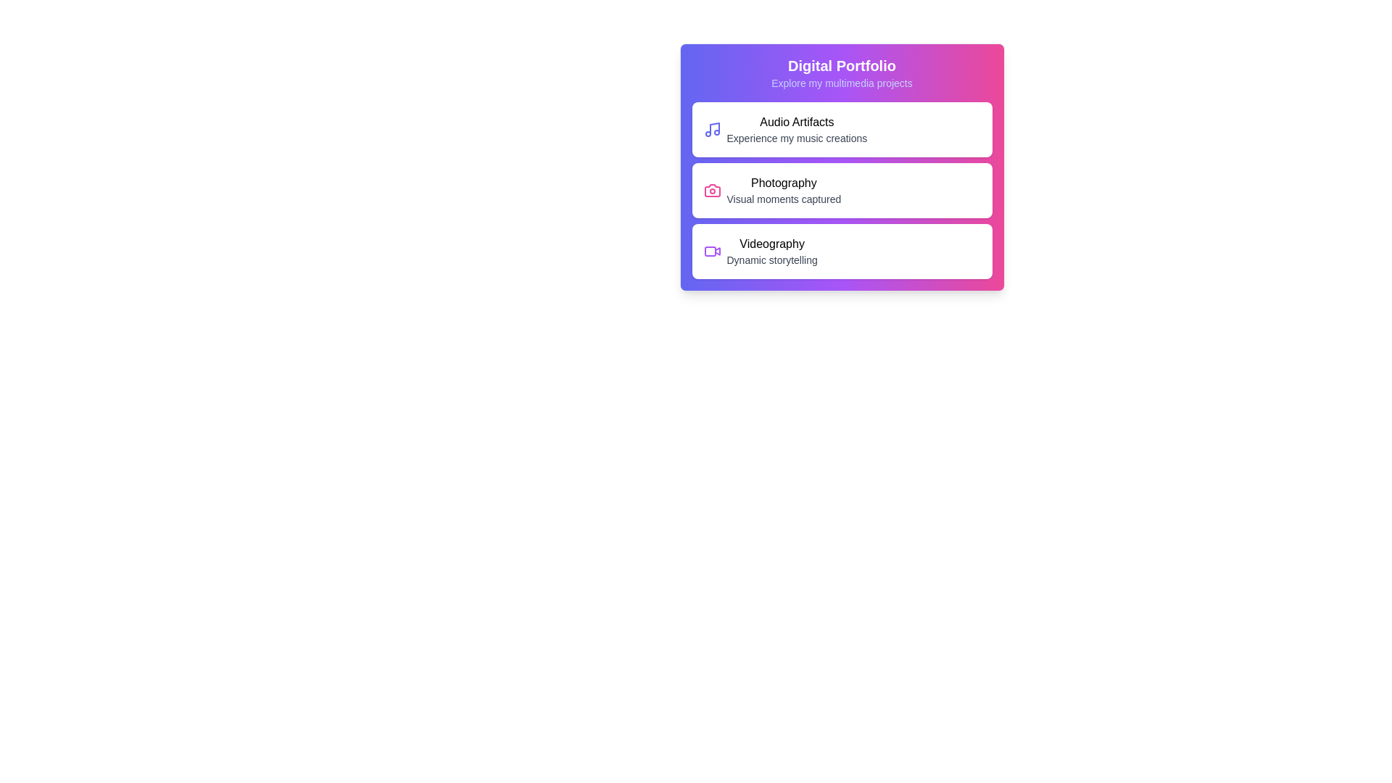 This screenshot has width=1392, height=783. What do you see at coordinates (842, 167) in the screenshot?
I see `the photography projects card, which is the second card in a vertical stack of three cards` at bounding box center [842, 167].